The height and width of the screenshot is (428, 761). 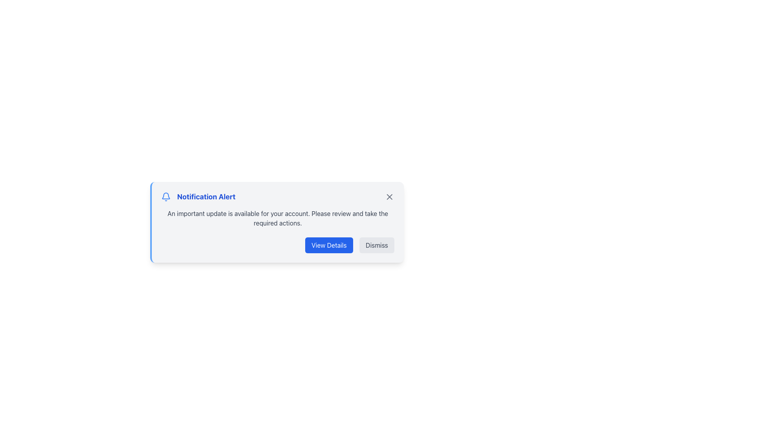 What do you see at coordinates (198, 197) in the screenshot?
I see `the 'Notification Alert' text label, which is styled in bold and large blue font, positioned next to a bell icon within a notification box` at bounding box center [198, 197].